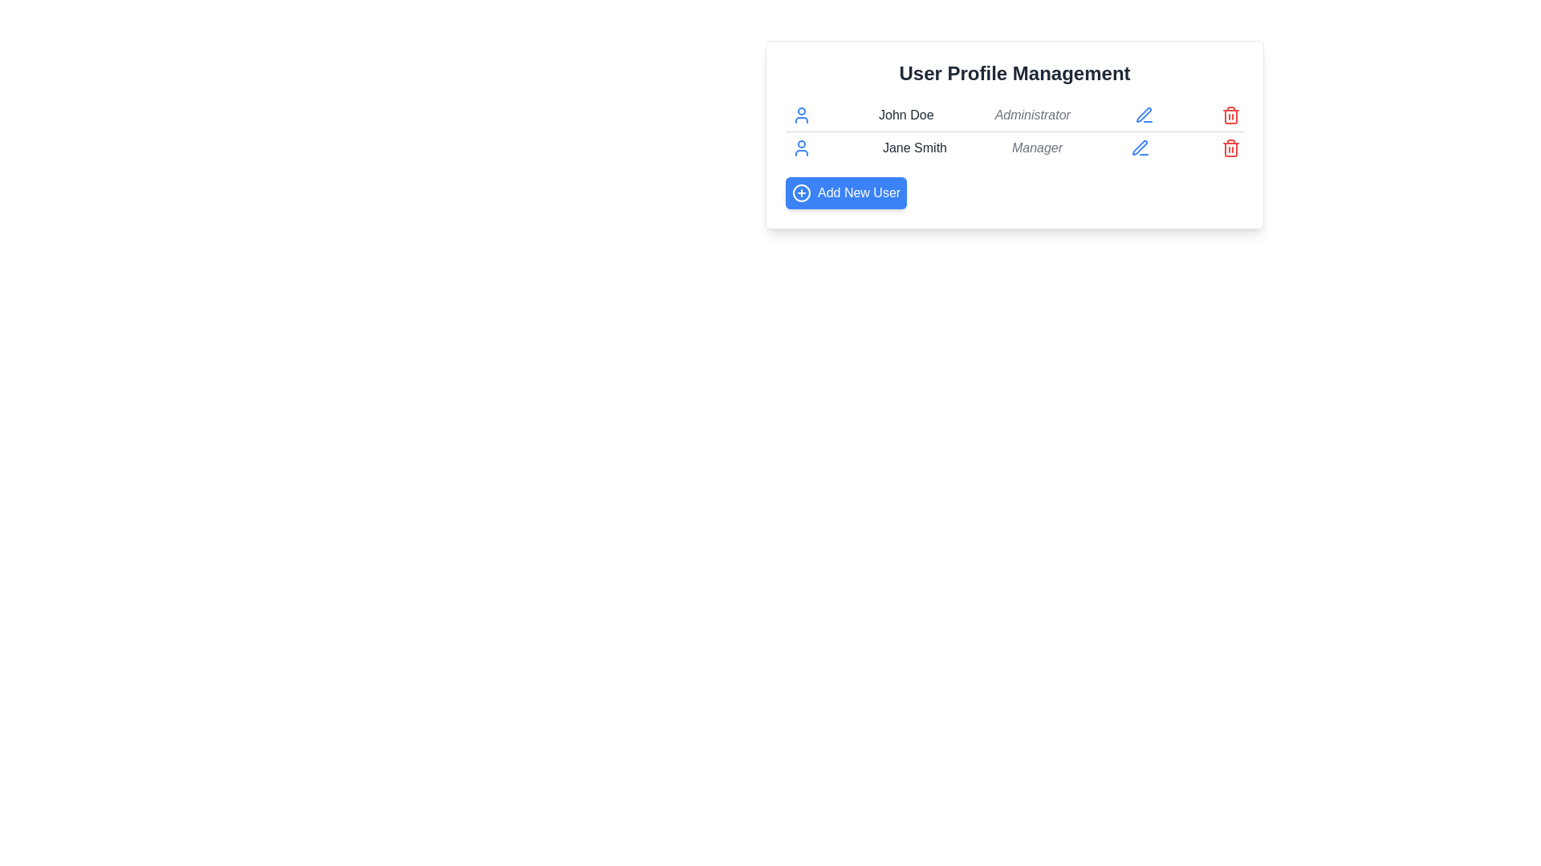 This screenshot has width=1541, height=866. What do you see at coordinates (1230, 114) in the screenshot?
I see `the red trash icon button located at the far right of the row containing the user 'John Doe' with the role 'Administrator'` at bounding box center [1230, 114].